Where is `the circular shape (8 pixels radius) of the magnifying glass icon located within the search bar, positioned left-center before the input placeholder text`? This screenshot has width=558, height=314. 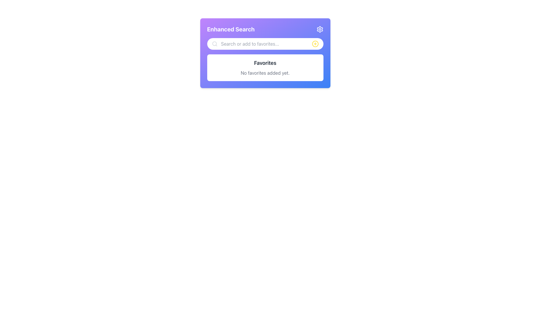 the circular shape (8 pixels radius) of the magnifying glass icon located within the search bar, positioned left-center before the input placeholder text is located at coordinates (214, 43).